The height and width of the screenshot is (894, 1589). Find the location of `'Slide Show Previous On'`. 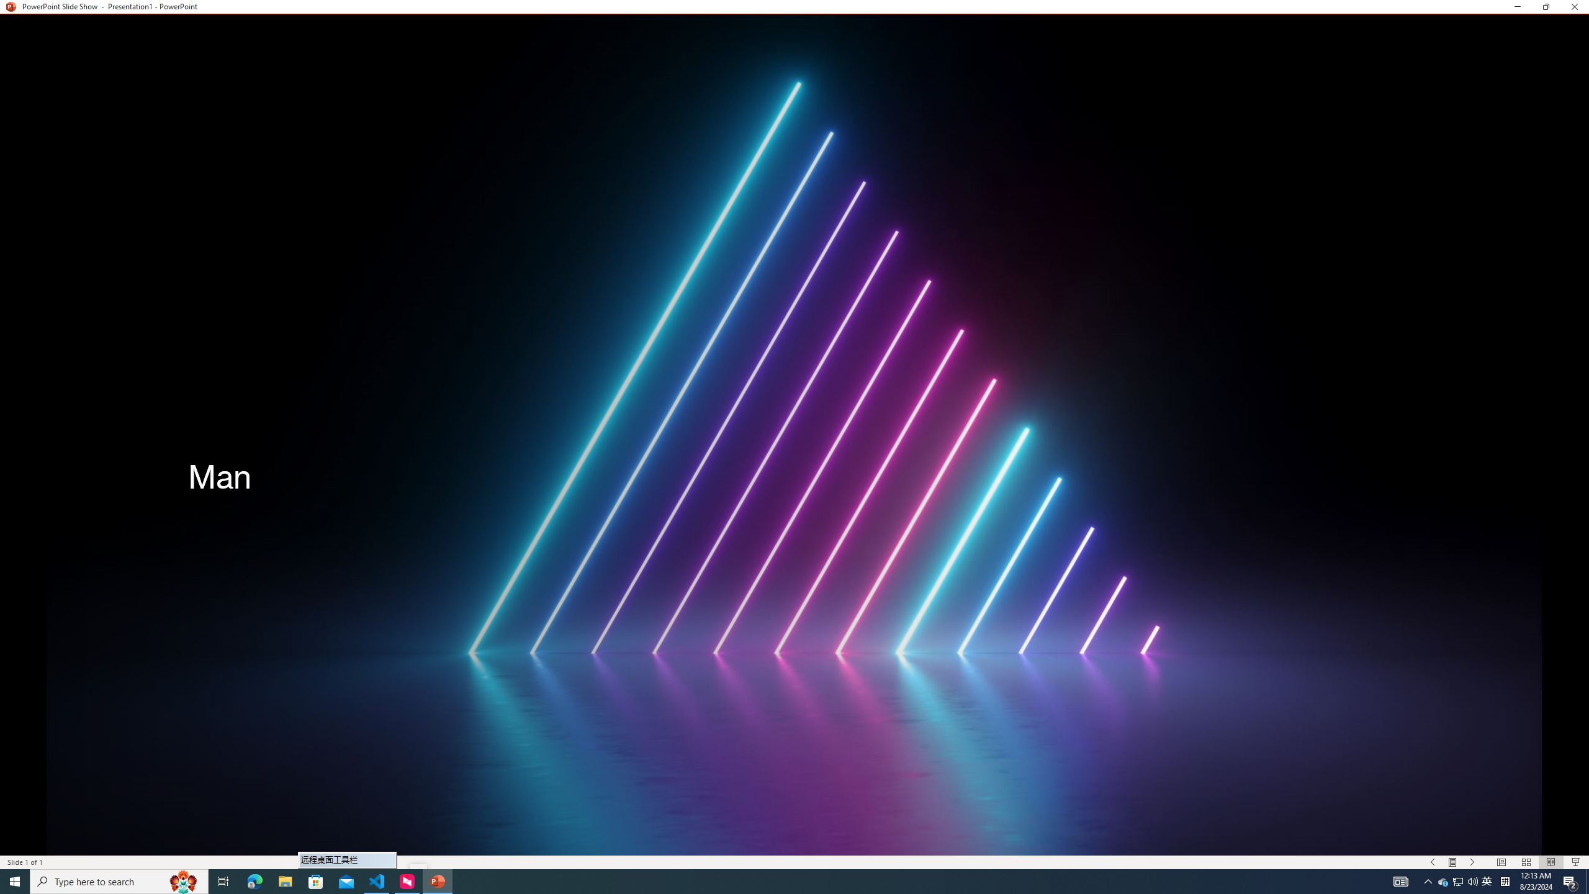

'Slide Show Previous On' is located at coordinates (1433, 862).